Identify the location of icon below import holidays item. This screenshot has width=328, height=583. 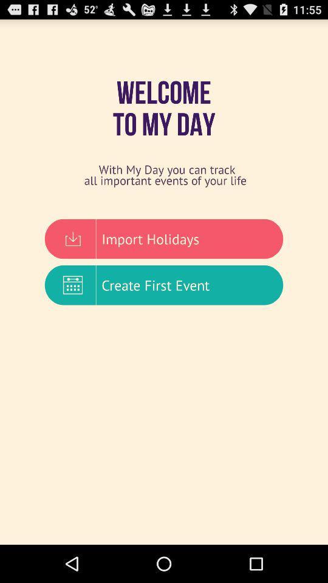
(164, 285).